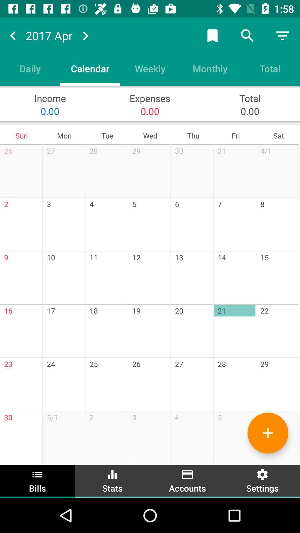 This screenshot has width=300, height=533. What do you see at coordinates (210, 68) in the screenshot?
I see `the item next to the weekly icon` at bounding box center [210, 68].